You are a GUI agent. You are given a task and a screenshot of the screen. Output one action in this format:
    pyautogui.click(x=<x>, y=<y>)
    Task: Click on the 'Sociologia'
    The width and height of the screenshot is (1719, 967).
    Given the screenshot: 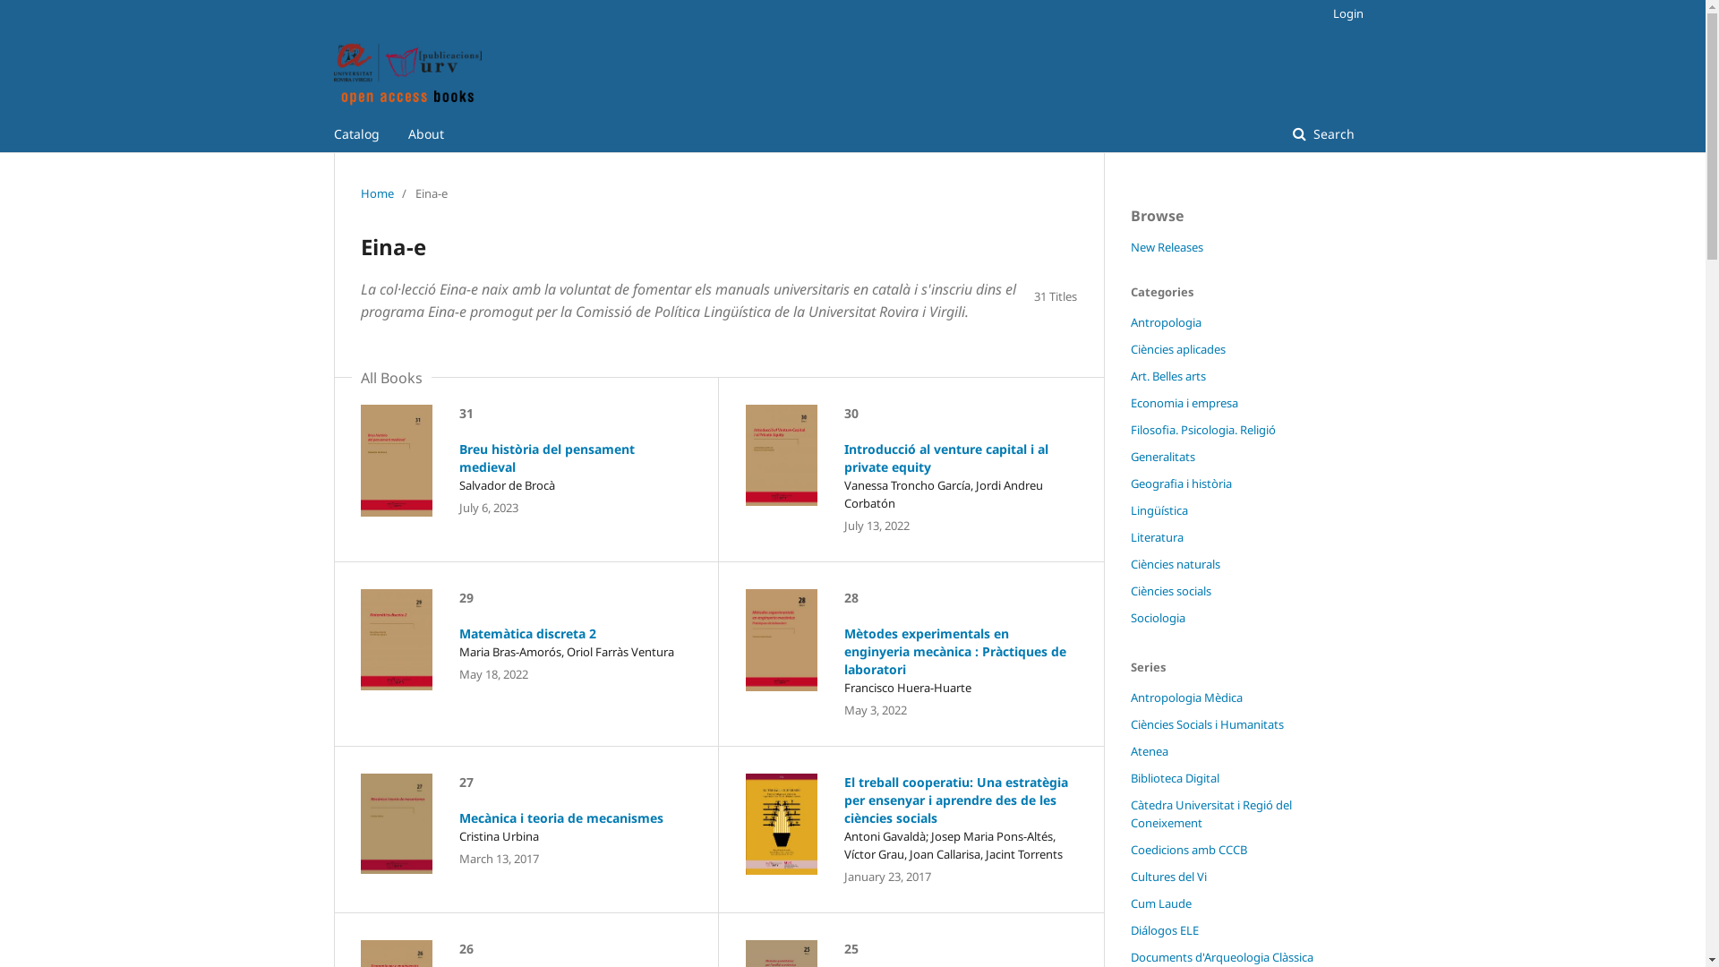 What is the action you would take?
    pyautogui.click(x=1129, y=617)
    